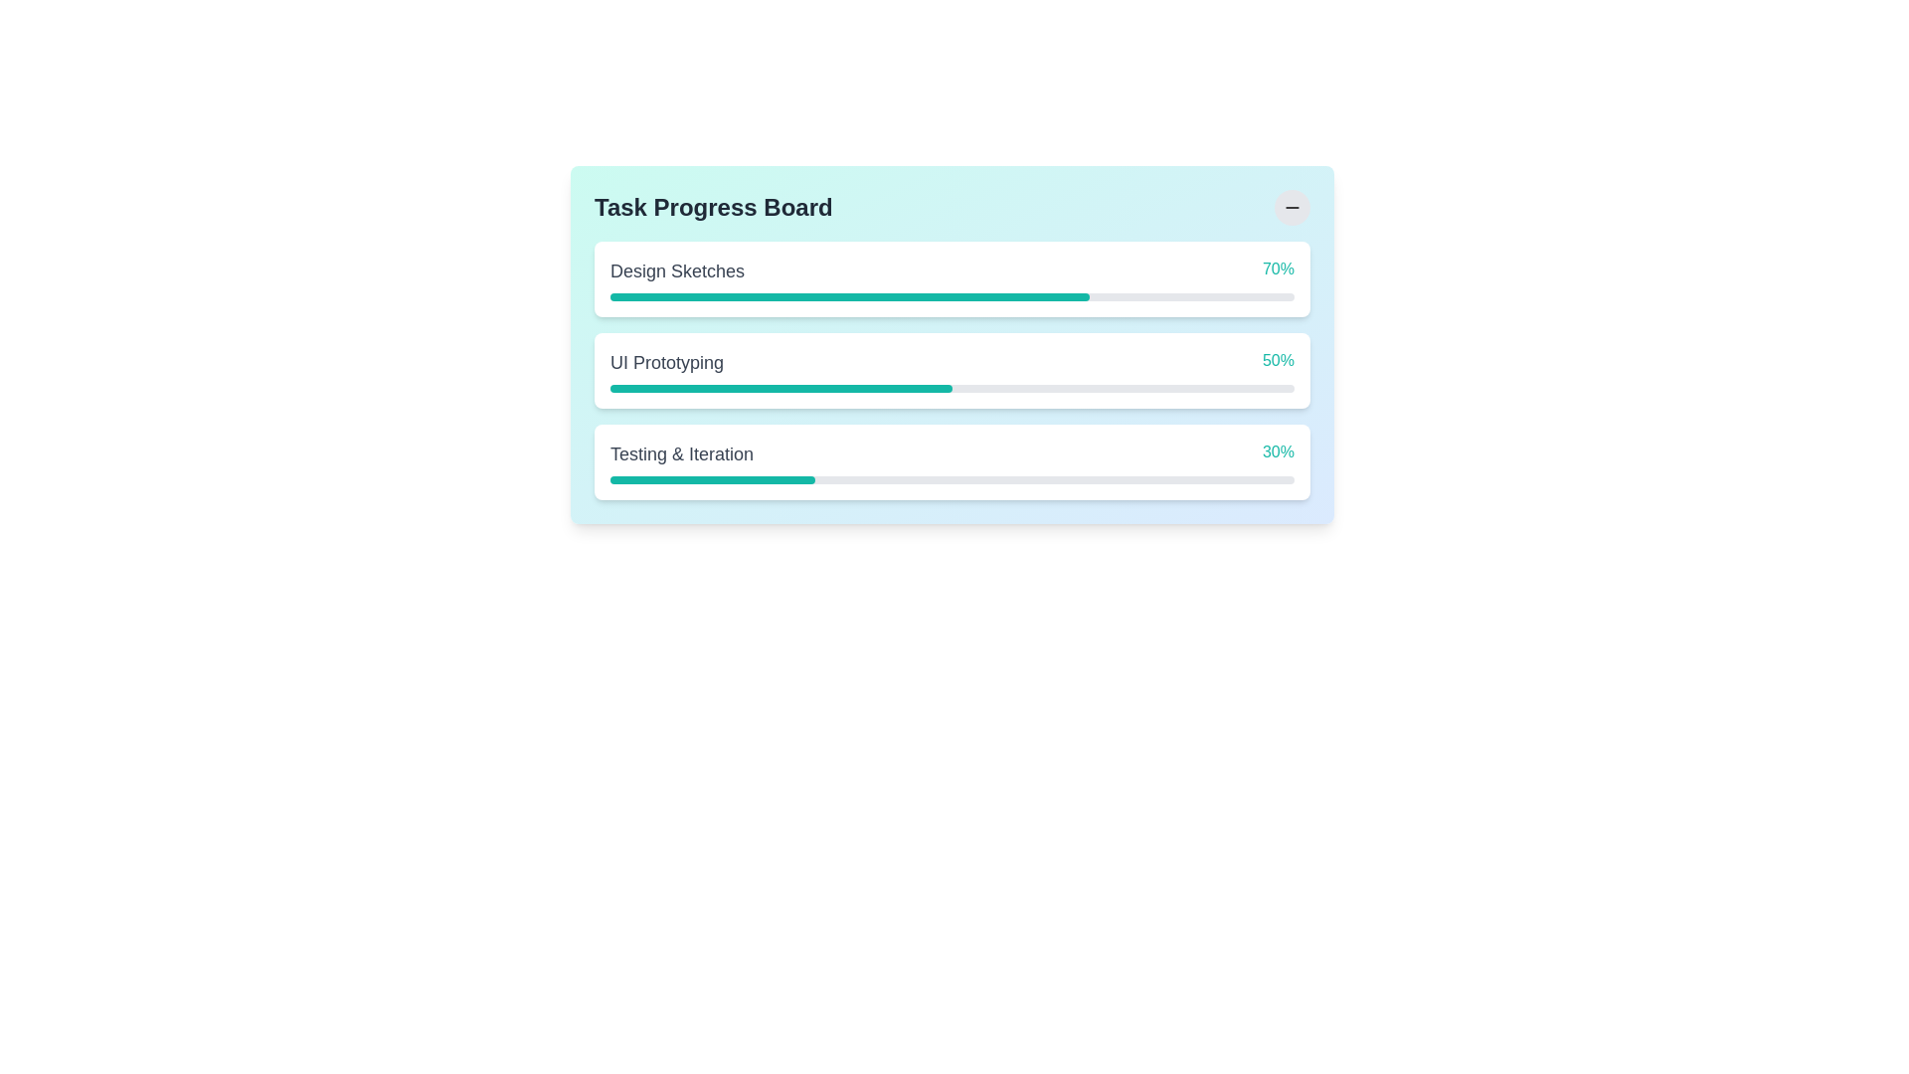 The width and height of the screenshot is (1909, 1074). What do you see at coordinates (952, 462) in the screenshot?
I see `the Progress Tracker element displaying 'Testing & Iteration' and '30%' with a teal progress bar, which is the third progress bar under 'Task Progress Board'` at bounding box center [952, 462].